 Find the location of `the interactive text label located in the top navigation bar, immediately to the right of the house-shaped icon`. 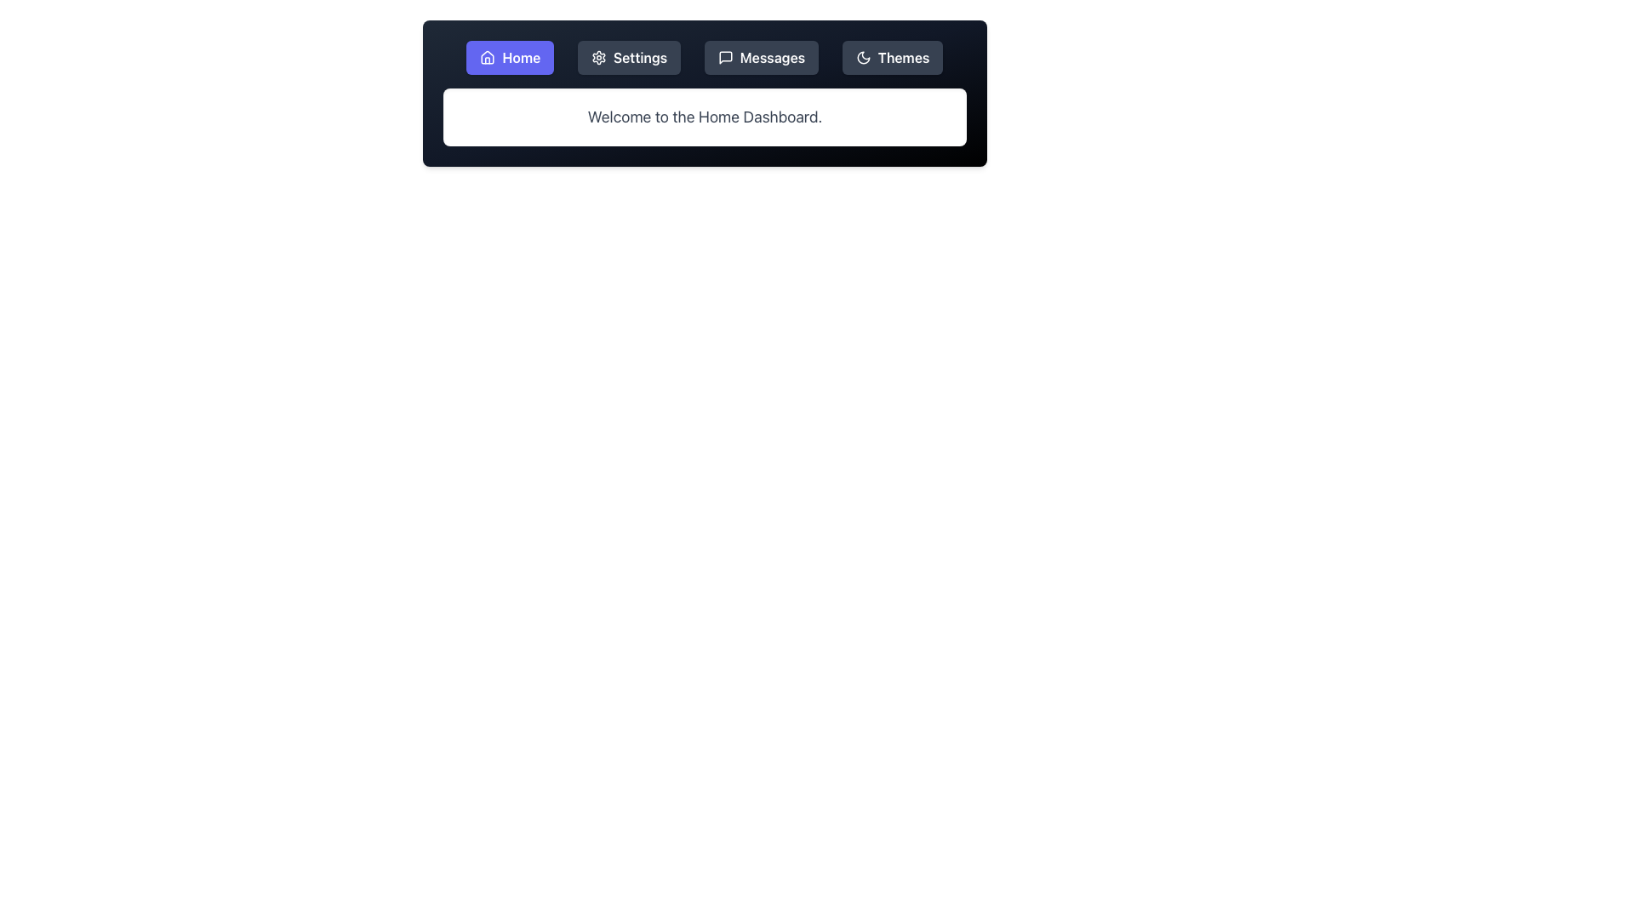

the interactive text label located in the top navigation bar, immediately to the right of the house-shaped icon is located at coordinates (520, 57).